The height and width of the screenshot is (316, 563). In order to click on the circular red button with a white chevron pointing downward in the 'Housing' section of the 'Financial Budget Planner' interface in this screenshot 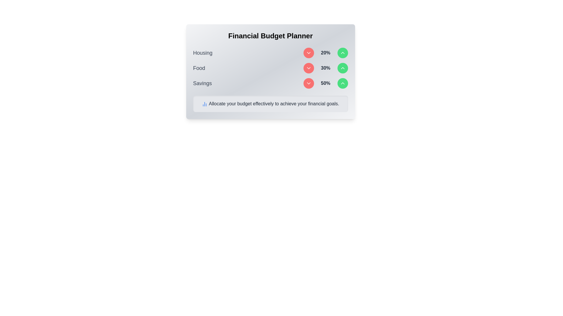, I will do `click(308, 53)`.